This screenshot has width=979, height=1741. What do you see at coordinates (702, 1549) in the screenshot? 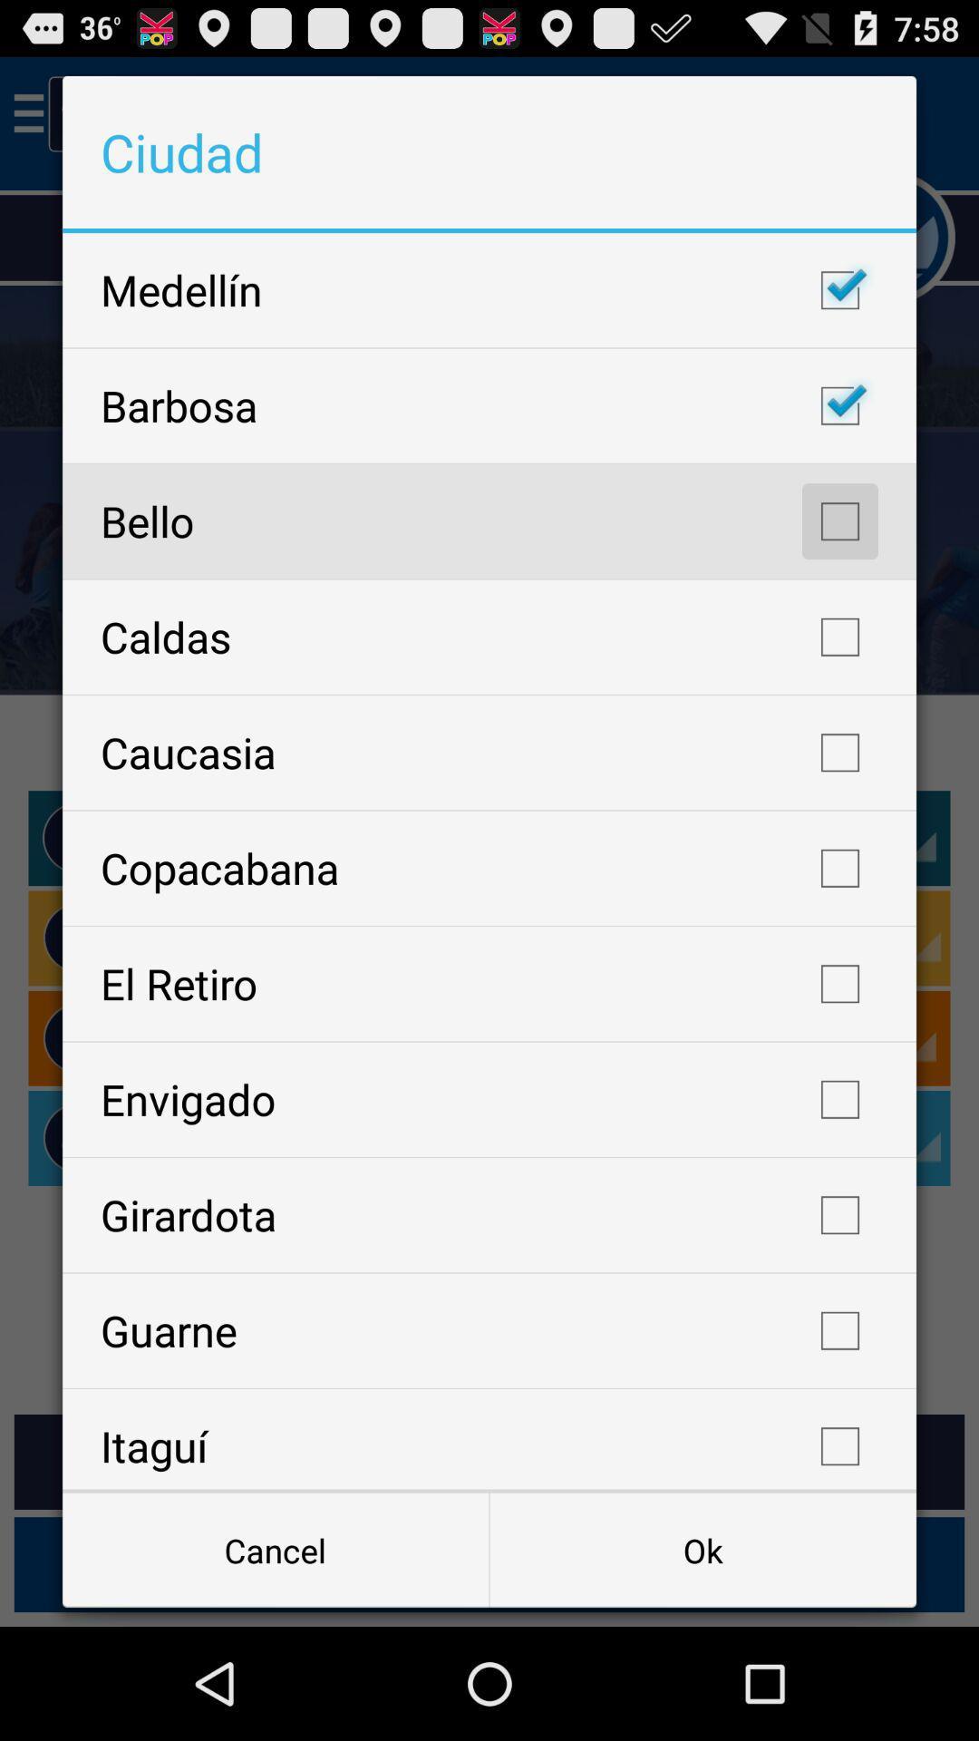
I see `item next to cancel` at bounding box center [702, 1549].